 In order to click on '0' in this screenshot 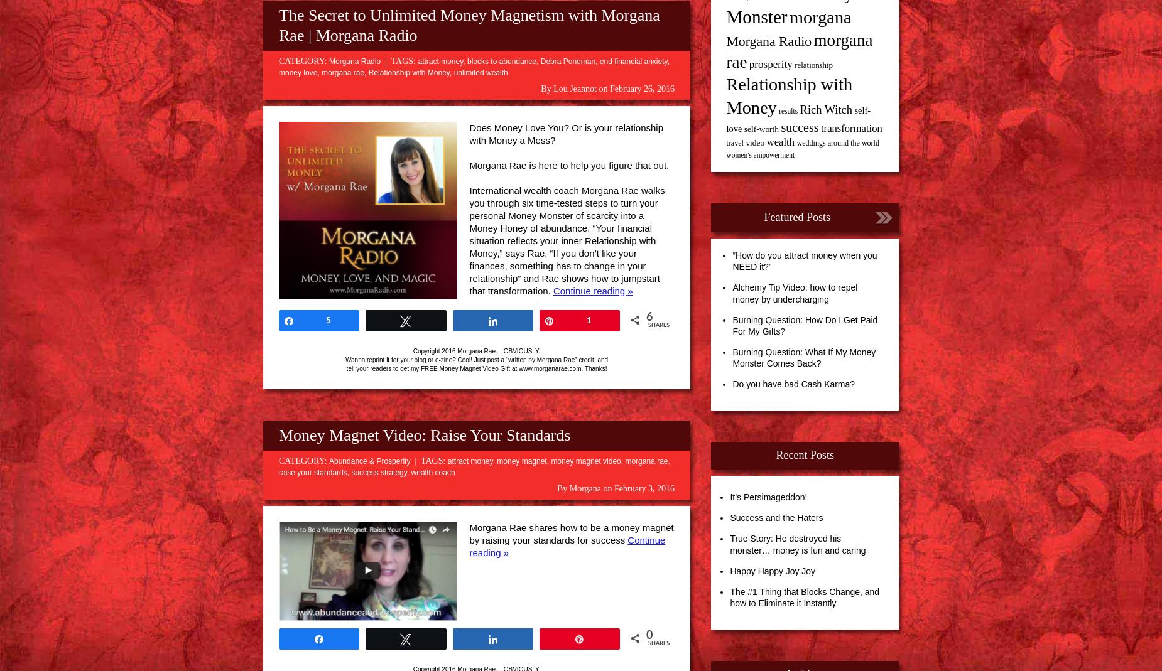, I will do `click(645, 635)`.